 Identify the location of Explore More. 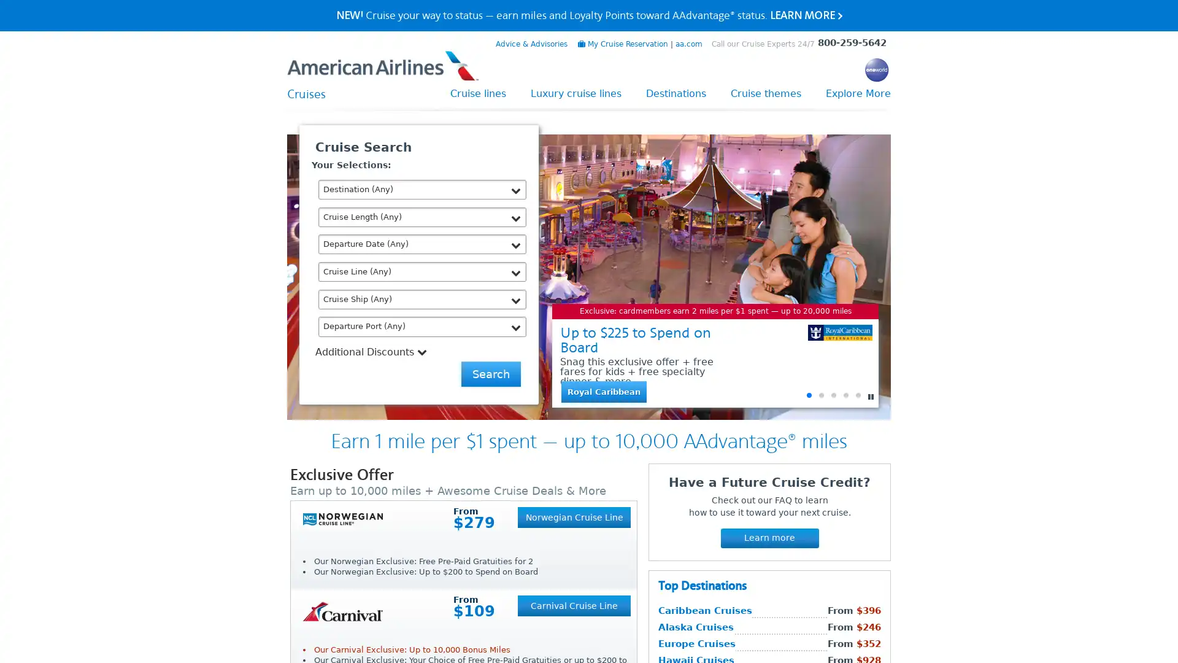
(857, 92).